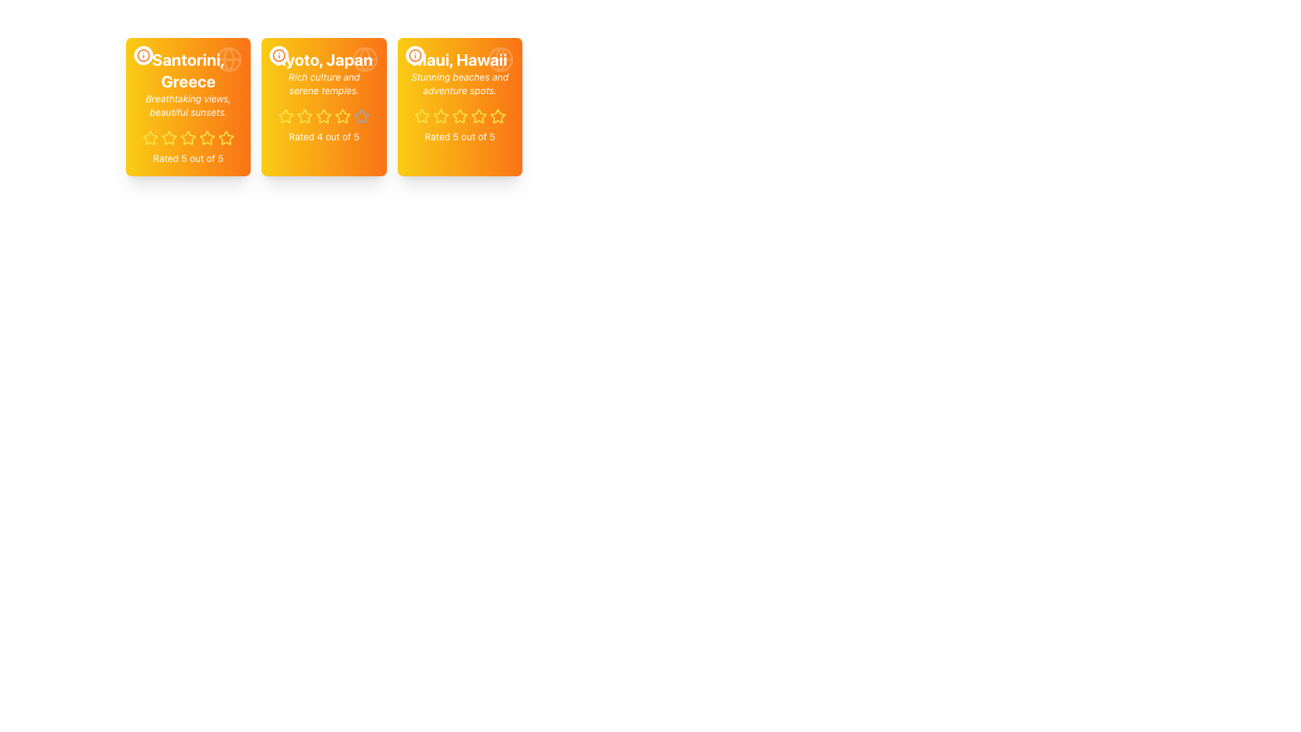 The width and height of the screenshot is (1301, 732). I want to click on the button located in the top-left corner of the card titled 'Kyoto, Japan', so click(278, 54).